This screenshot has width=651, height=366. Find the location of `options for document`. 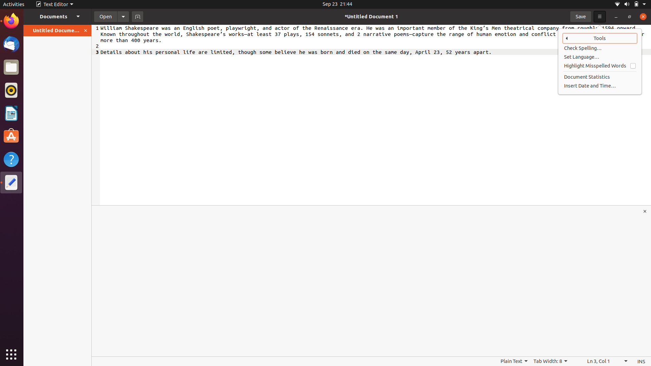

options for document is located at coordinates (123, 16).